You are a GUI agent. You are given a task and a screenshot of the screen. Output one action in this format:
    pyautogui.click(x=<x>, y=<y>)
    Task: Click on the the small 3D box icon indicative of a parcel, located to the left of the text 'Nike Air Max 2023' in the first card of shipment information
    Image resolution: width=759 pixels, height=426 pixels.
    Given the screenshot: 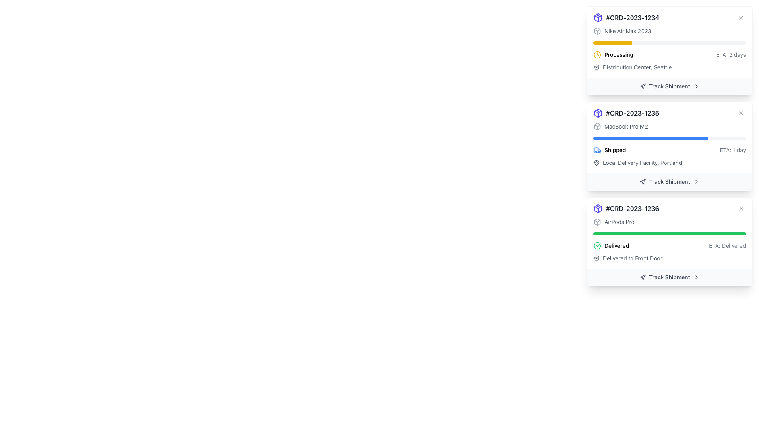 What is the action you would take?
    pyautogui.click(x=597, y=30)
    